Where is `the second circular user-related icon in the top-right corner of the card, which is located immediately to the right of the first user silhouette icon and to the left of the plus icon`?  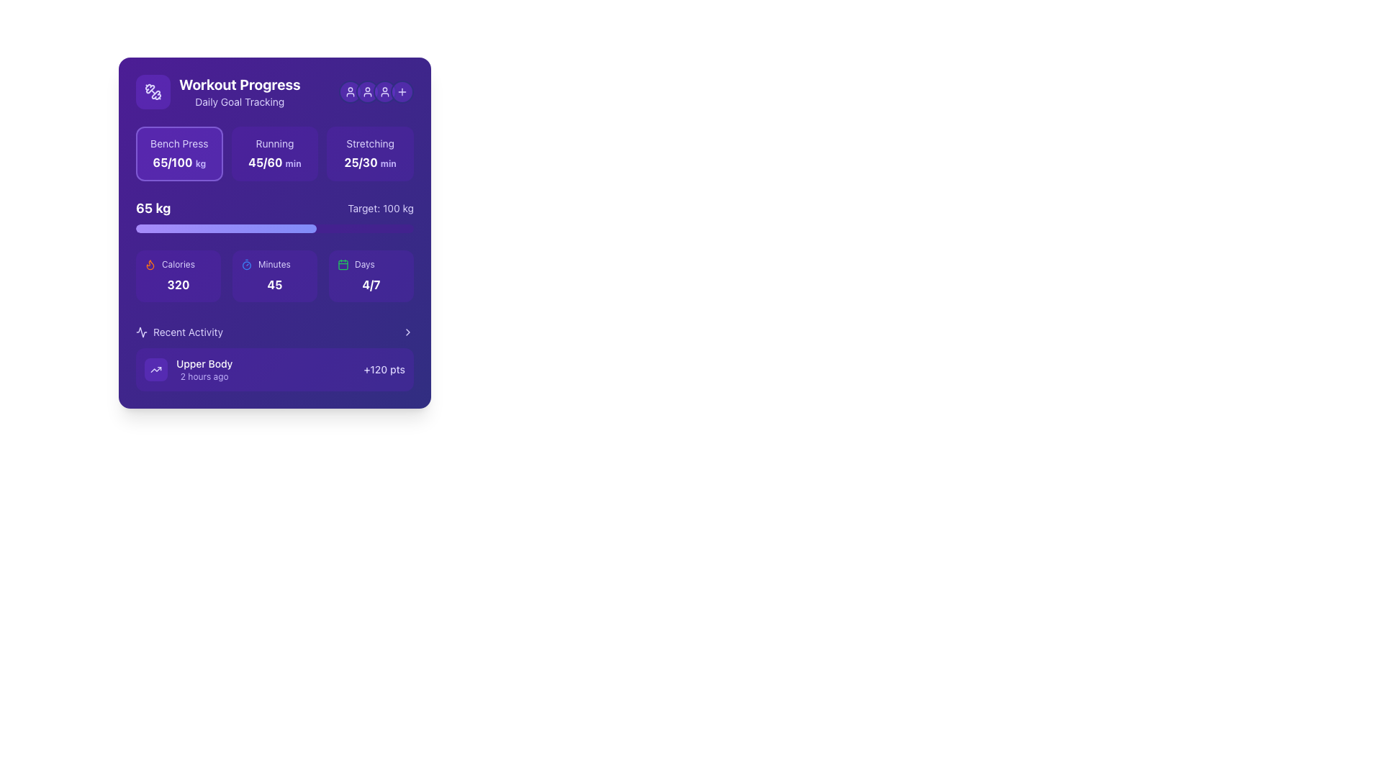
the second circular user-related icon in the top-right corner of the card, which is located immediately to the right of the first user silhouette icon and to the left of the plus icon is located at coordinates (367, 91).